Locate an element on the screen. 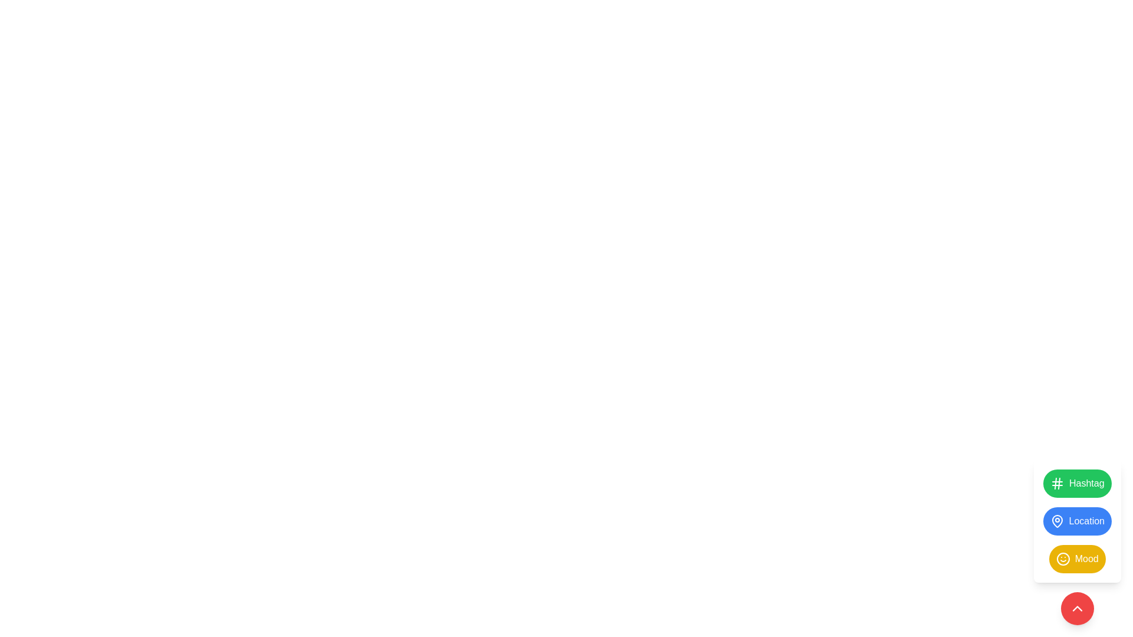 Image resolution: width=1133 pixels, height=637 pixels. the central circular part of the smiley face icon, which serves as the face outline of the graphic is located at coordinates (1063, 559).